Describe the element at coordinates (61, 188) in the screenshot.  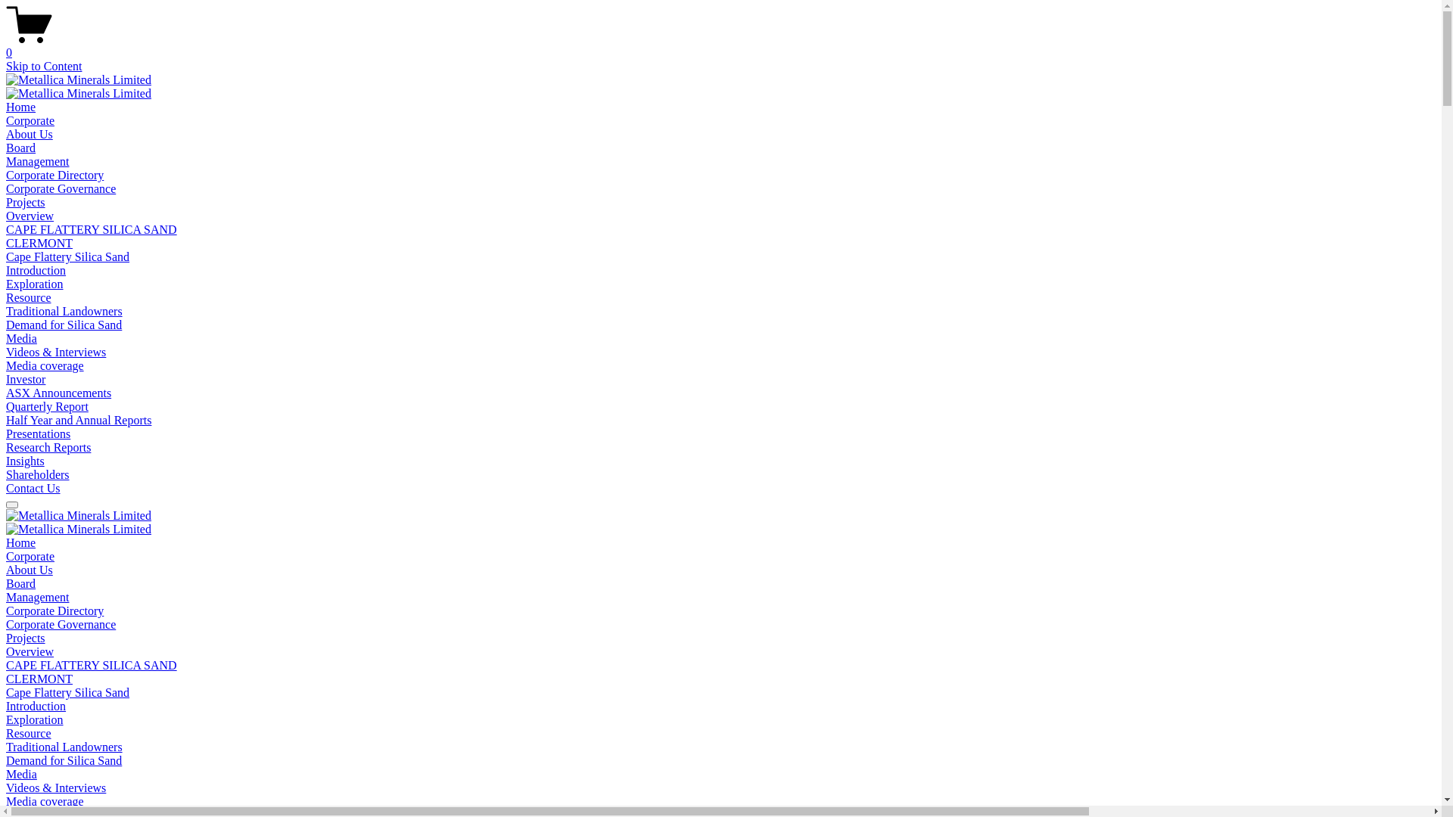
I see `'Corporate Governance'` at that location.